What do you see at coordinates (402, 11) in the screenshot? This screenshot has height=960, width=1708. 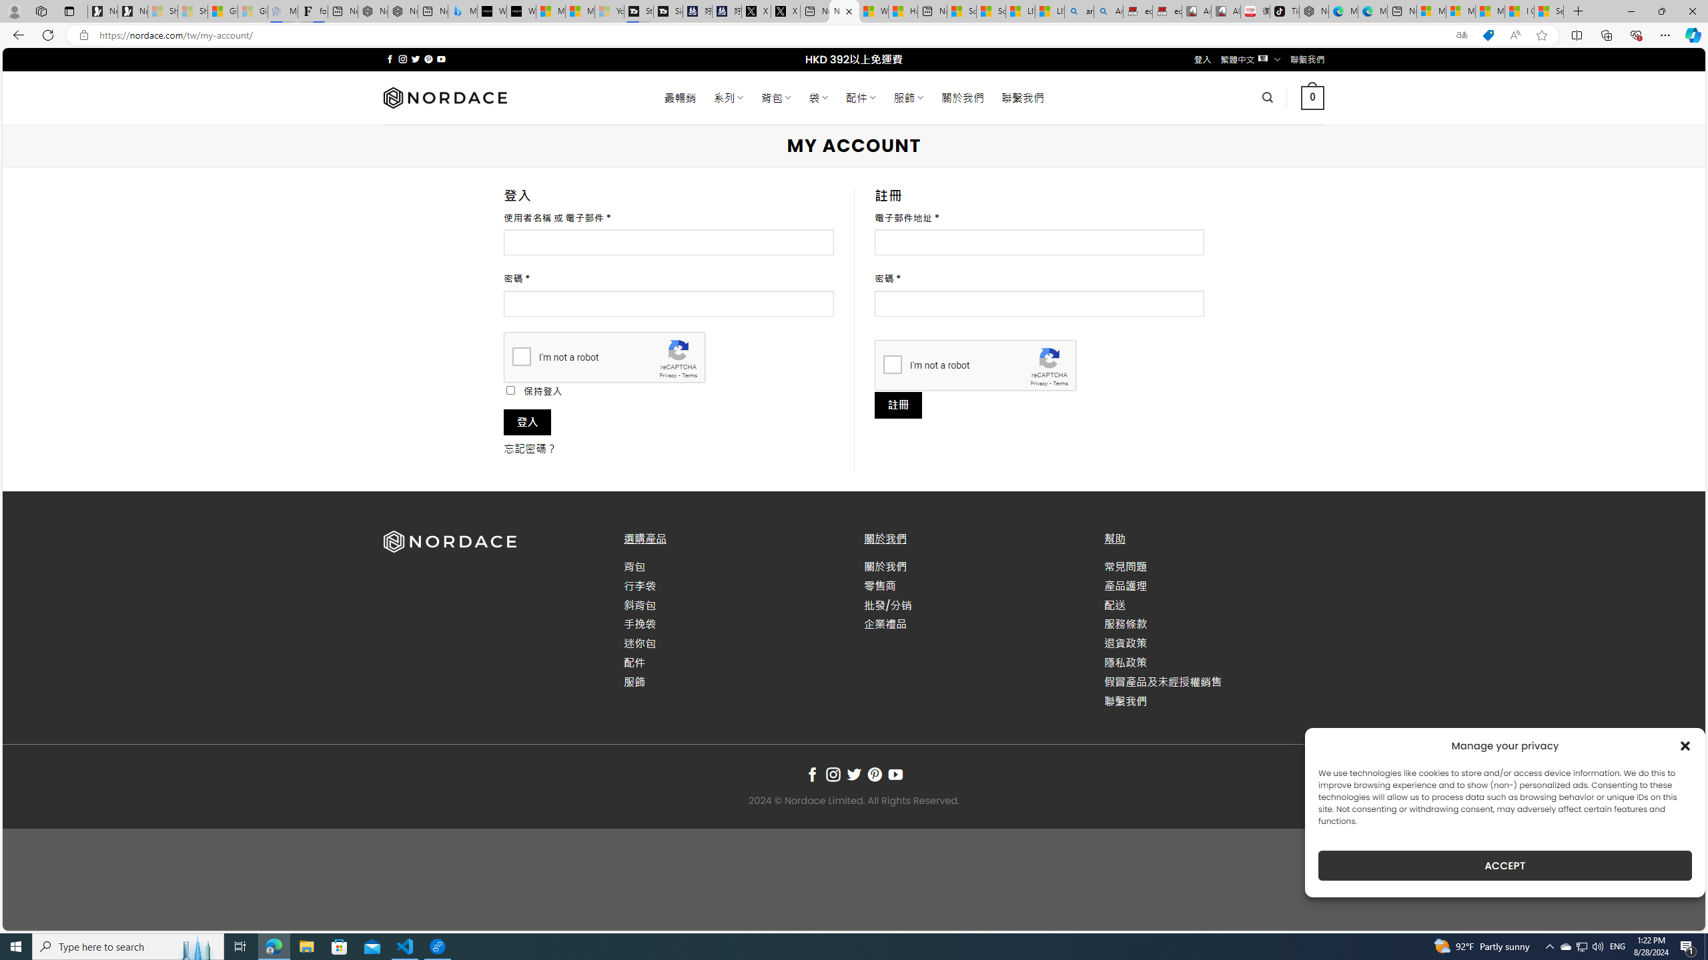 I see `'Nordace - #1 Japanese Best-Seller - Siena Smart Backpack'` at bounding box center [402, 11].